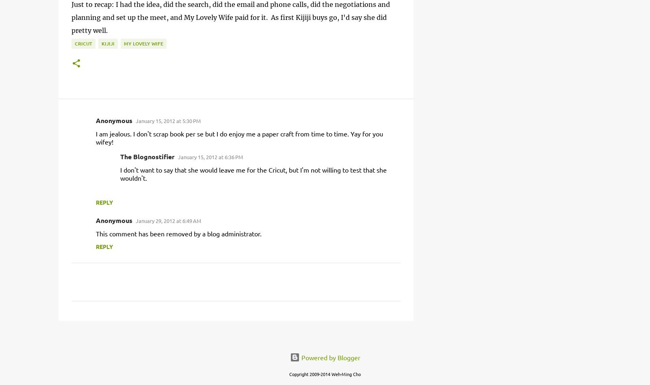 This screenshot has width=650, height=385. I want to click on 'my lovely wife', so click(143, 43).